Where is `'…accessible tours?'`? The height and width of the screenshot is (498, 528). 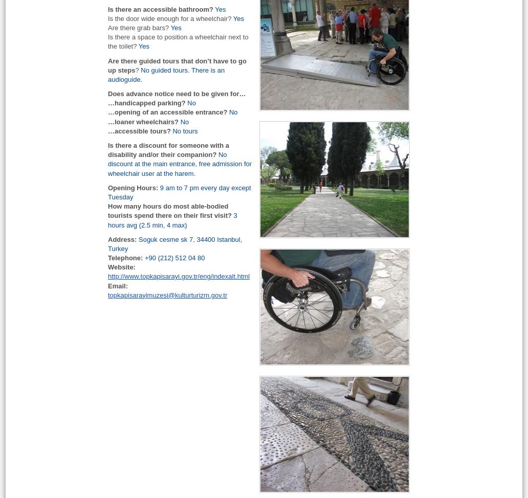
'…accessible tours?' is located at coordinates (139, 130).